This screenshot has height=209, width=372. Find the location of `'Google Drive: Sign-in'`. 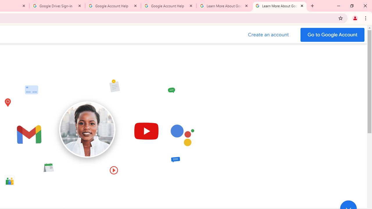

'Google Drive: Sign-in' is located at coordinates (57, 6).